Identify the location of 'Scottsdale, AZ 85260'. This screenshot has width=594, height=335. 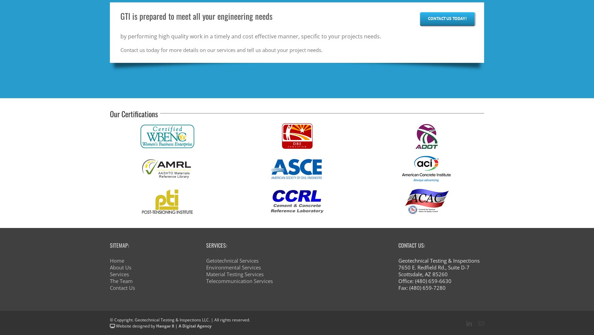
(422, 275).